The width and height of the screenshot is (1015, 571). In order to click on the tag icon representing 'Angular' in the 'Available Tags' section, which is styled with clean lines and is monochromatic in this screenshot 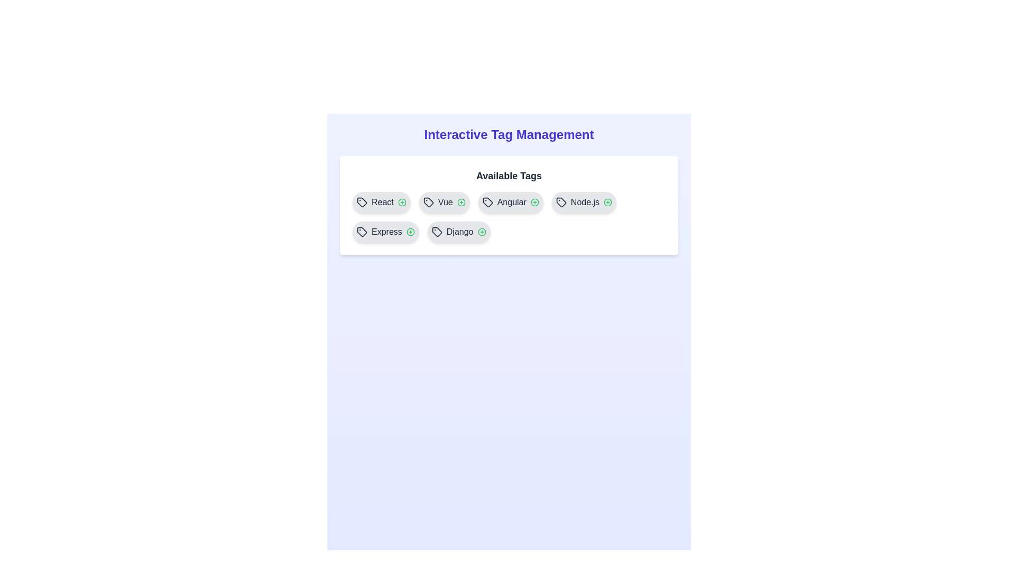, I will do `click(487, 202)`.